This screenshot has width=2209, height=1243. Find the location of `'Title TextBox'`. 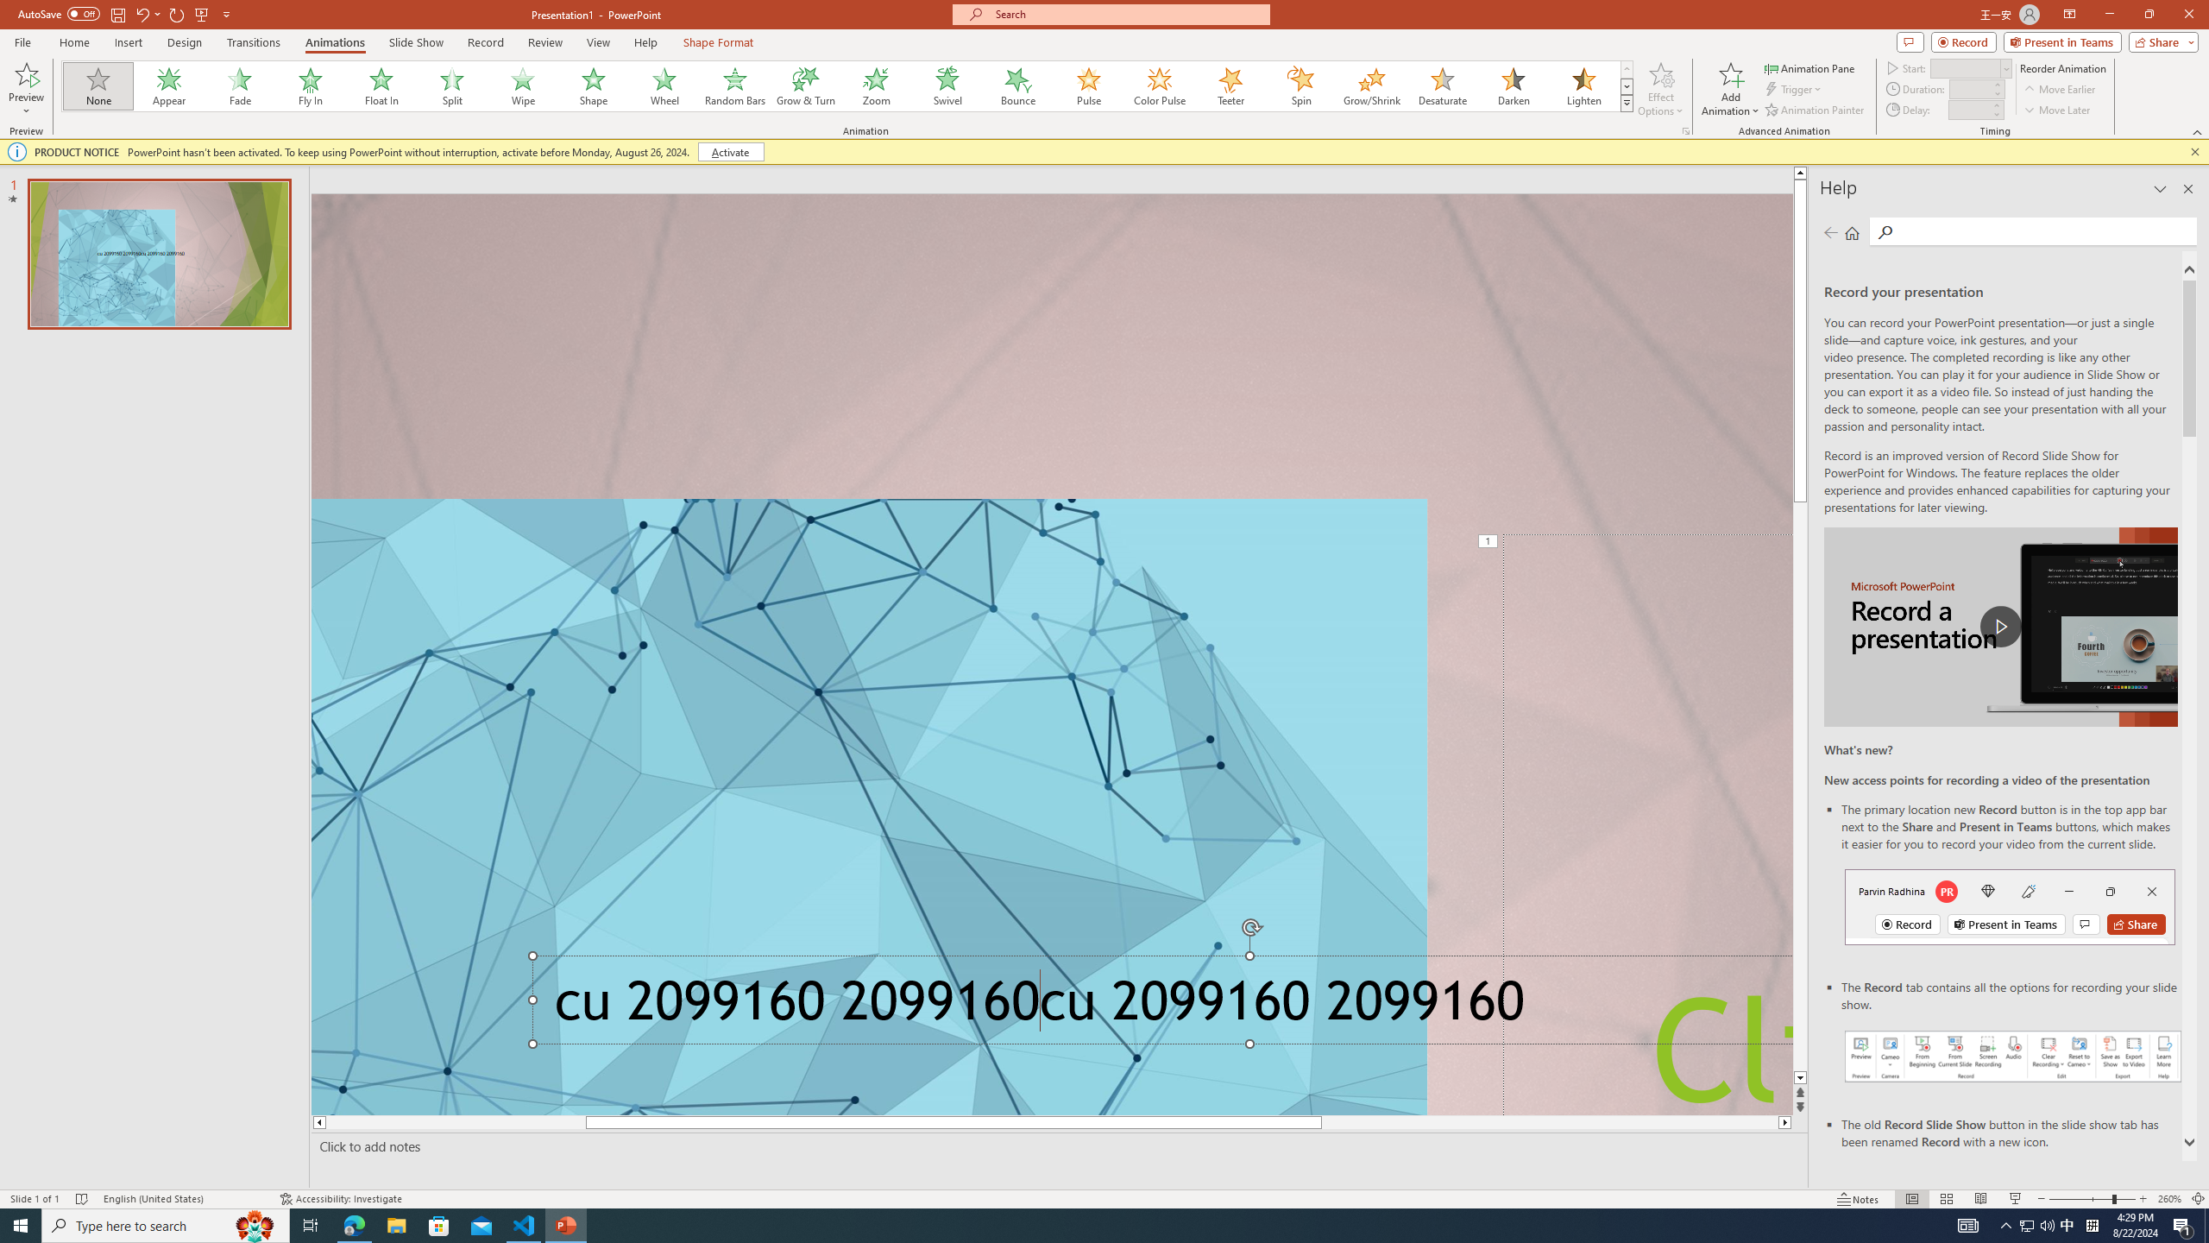

'Title TextBox' is located at coordinates (1646, 823).